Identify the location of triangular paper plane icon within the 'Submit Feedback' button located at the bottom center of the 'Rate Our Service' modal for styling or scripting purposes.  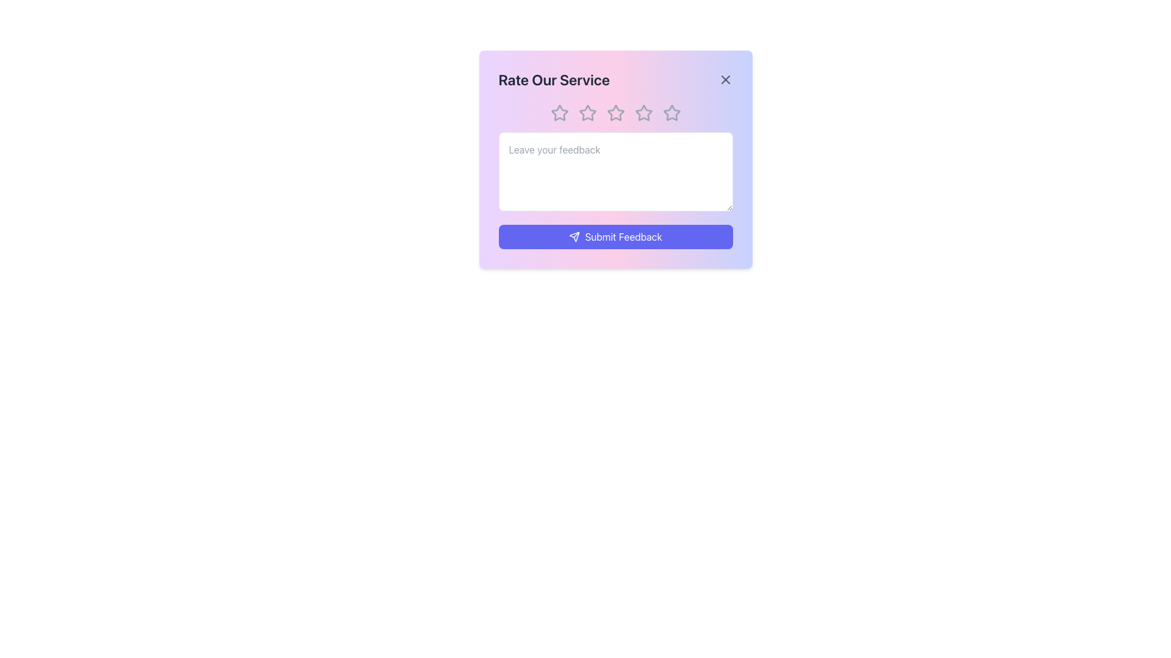
(574, 237).